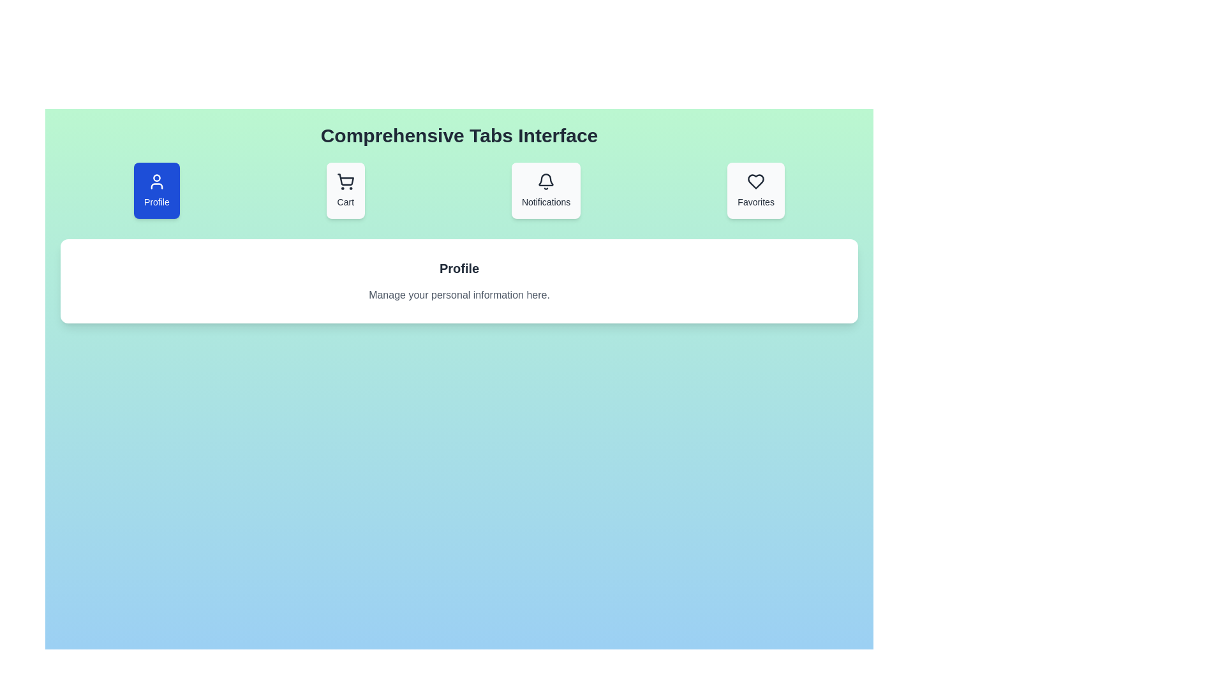  Describe the element at coordinates (756, 182) in the screenshot. I see `the heart-shaped icon representing the favorite feature, located above the 'Favorites' text label` at that location.